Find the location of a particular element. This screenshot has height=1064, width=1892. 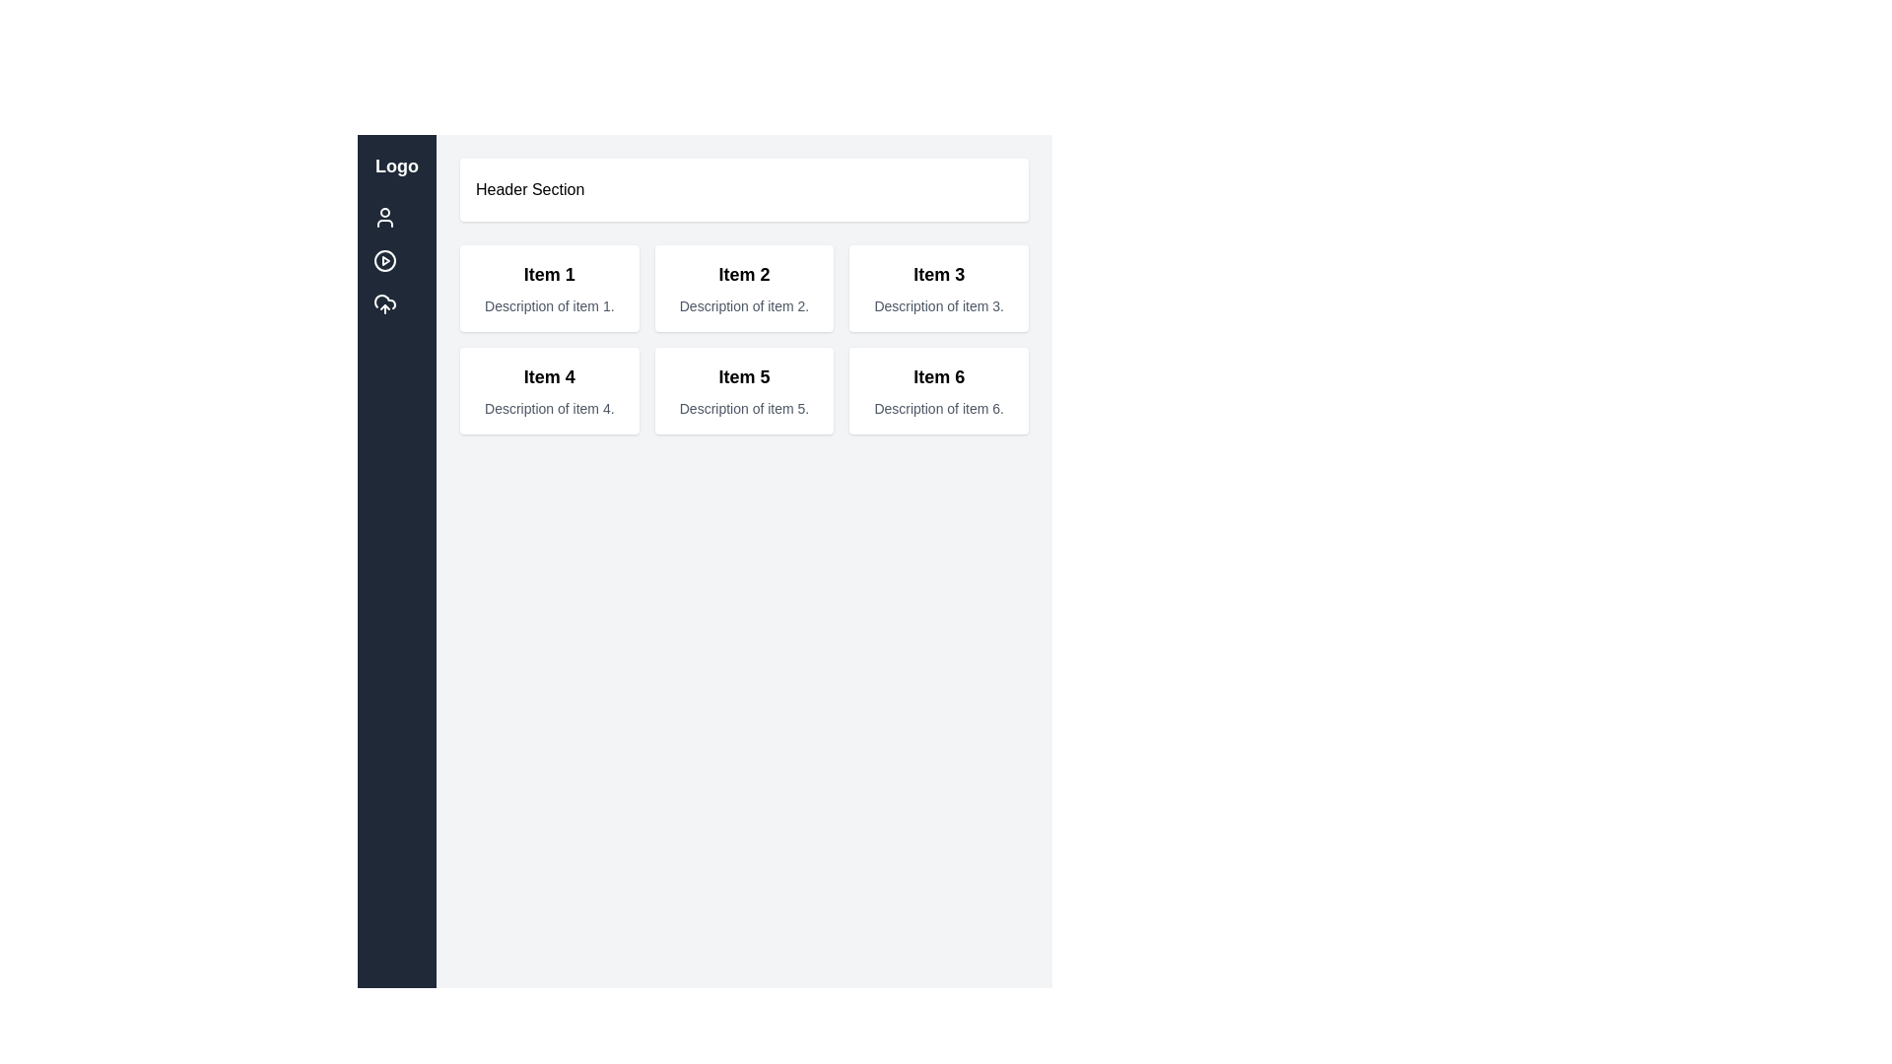

descriptive text label for 'Item 6' located below the bold 'Item 6' text in the sixth box of the grid layout is located at coordinates (938, 408).